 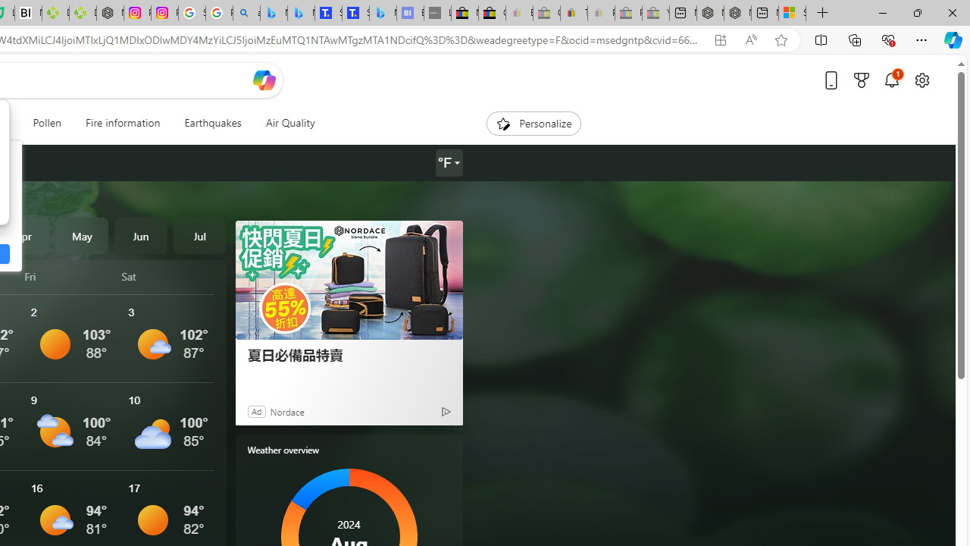 I want to click on 'Descarga Driver Updater', so click(x=82, y=13).